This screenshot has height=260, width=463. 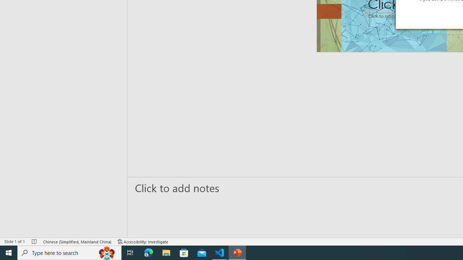 What do you see at coordinates (237, 252) in the screenshot?
I see `'PowerPoint - 1 running window'` at bounding box center [237, 252].